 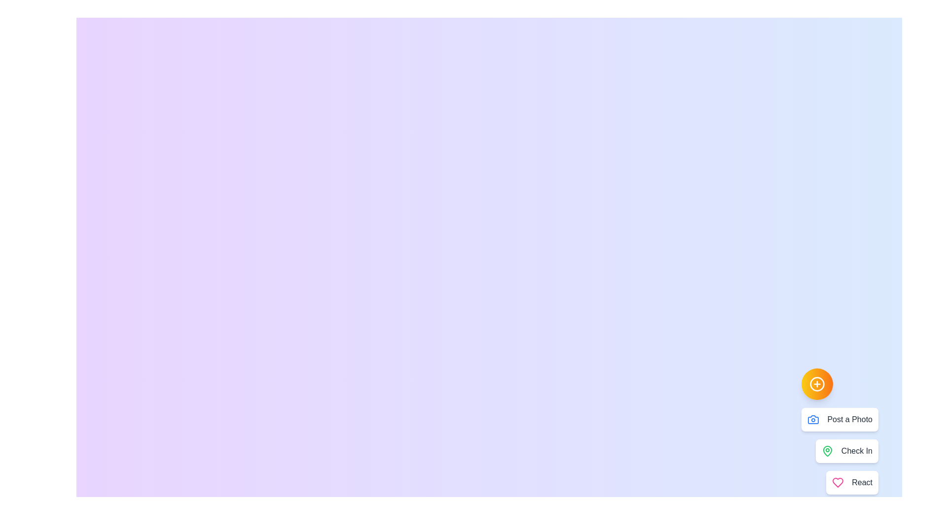 What do you see at coordinates (246, 246) in the screenshot?
I see `the background to dismiss the menu` at bounding box center [246, 246].